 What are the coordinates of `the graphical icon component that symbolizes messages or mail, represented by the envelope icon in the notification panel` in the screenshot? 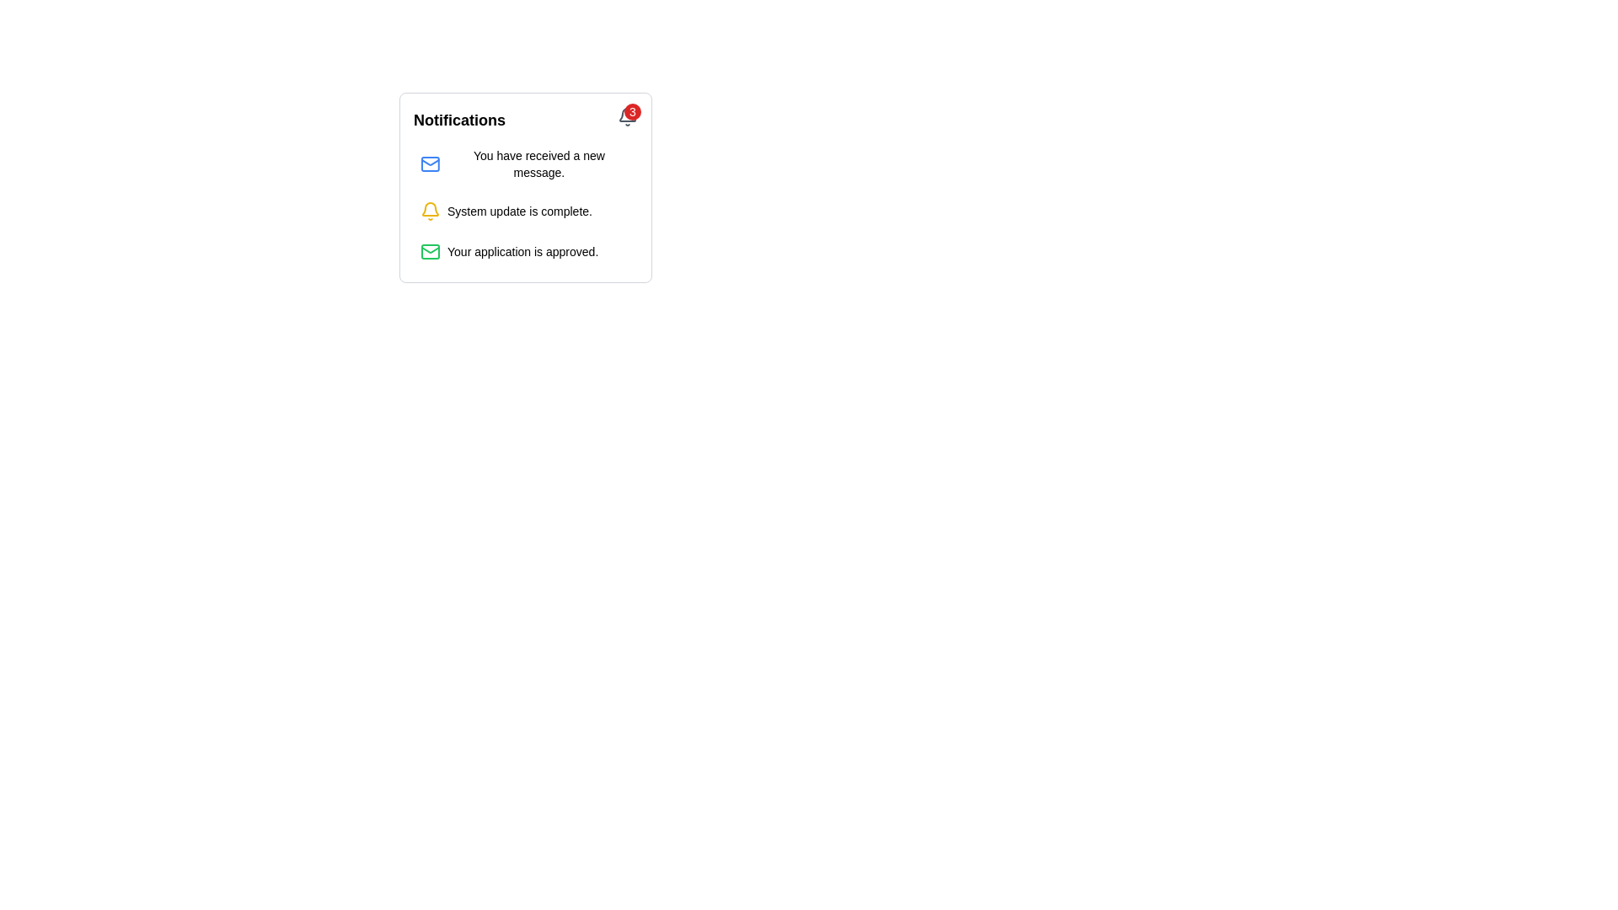 It's located at (430, 164).